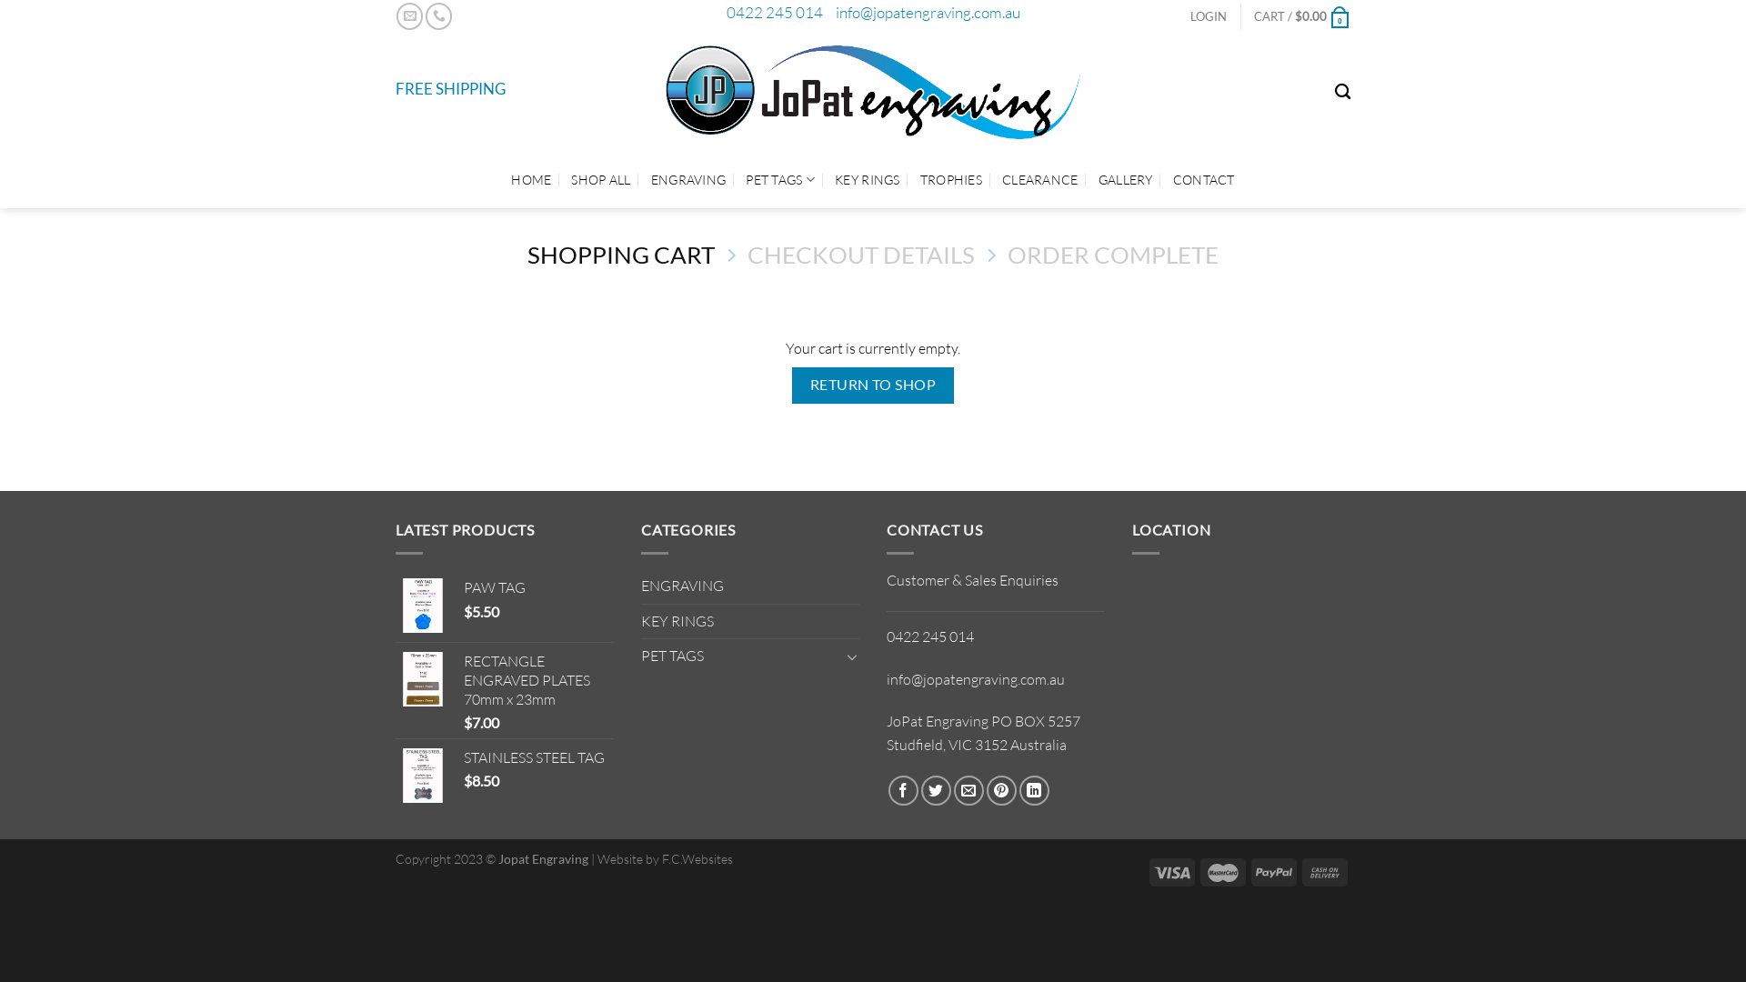  I want to click on 'Call us', so click(438, 15).